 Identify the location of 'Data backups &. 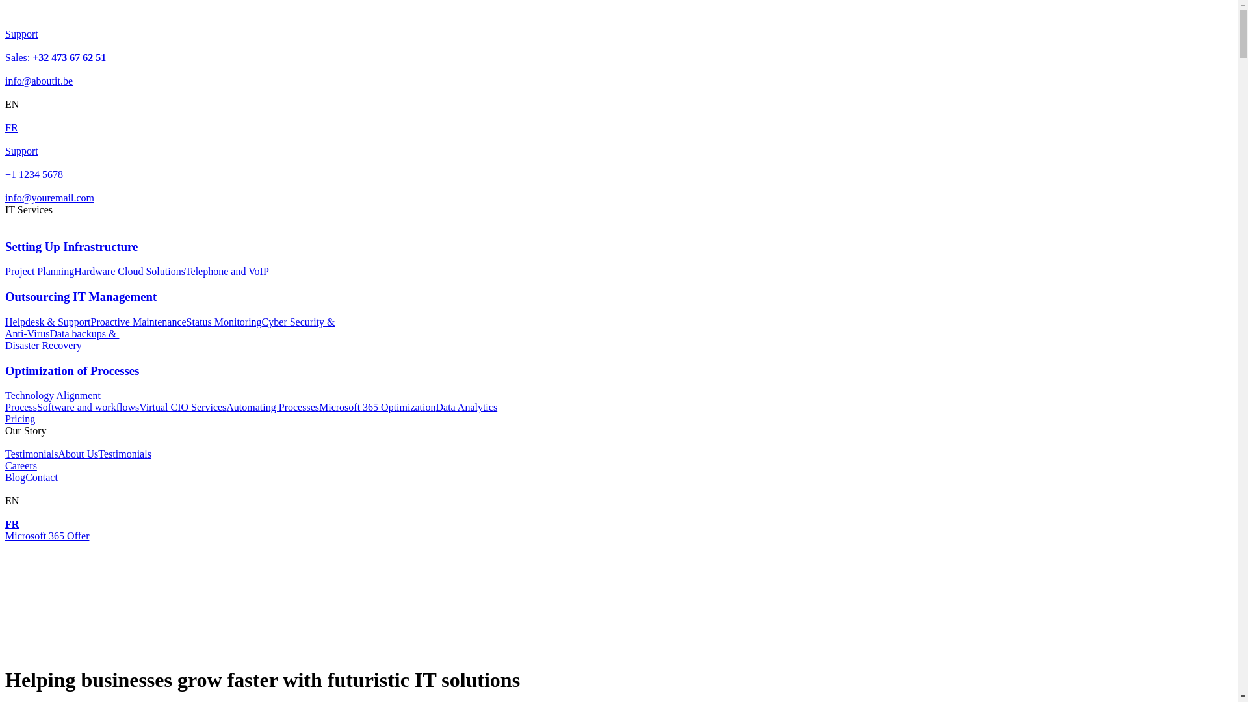
(5, 339).